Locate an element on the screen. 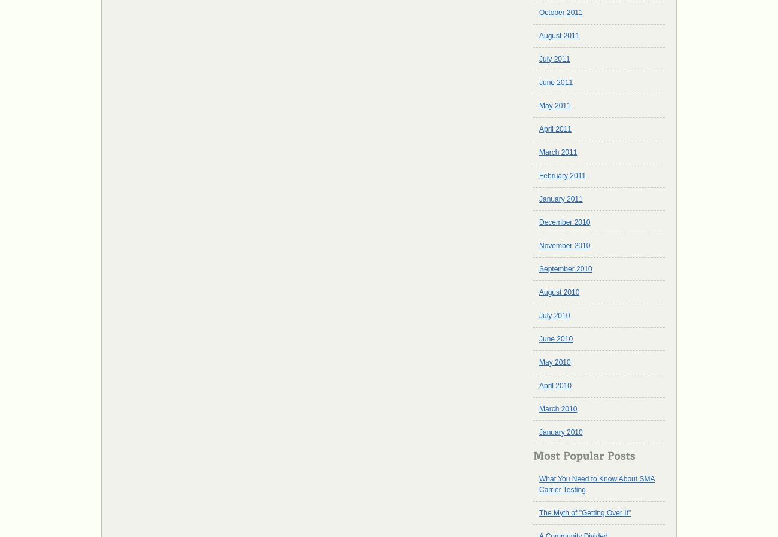 This screenshot has width=778, height=537. 'November 2010' is located at coordinates (539, 245).